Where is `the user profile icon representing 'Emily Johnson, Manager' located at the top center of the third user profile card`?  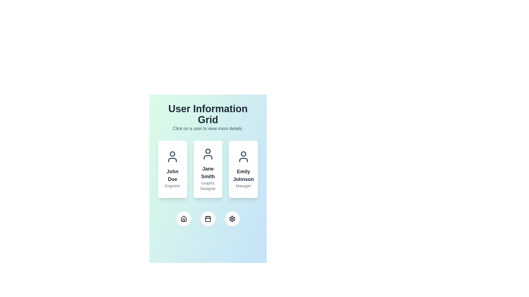 the user profile icon representing 'Emily Johnson, Manager' located at the top center of the third user profile card is located at coordinates (243, 157).